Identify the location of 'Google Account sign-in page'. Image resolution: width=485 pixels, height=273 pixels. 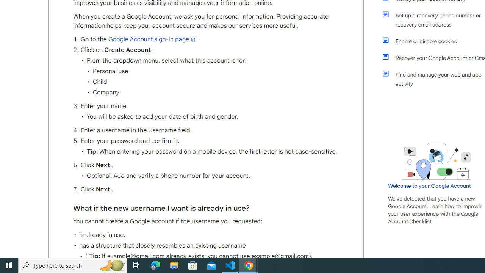
(152, 39).